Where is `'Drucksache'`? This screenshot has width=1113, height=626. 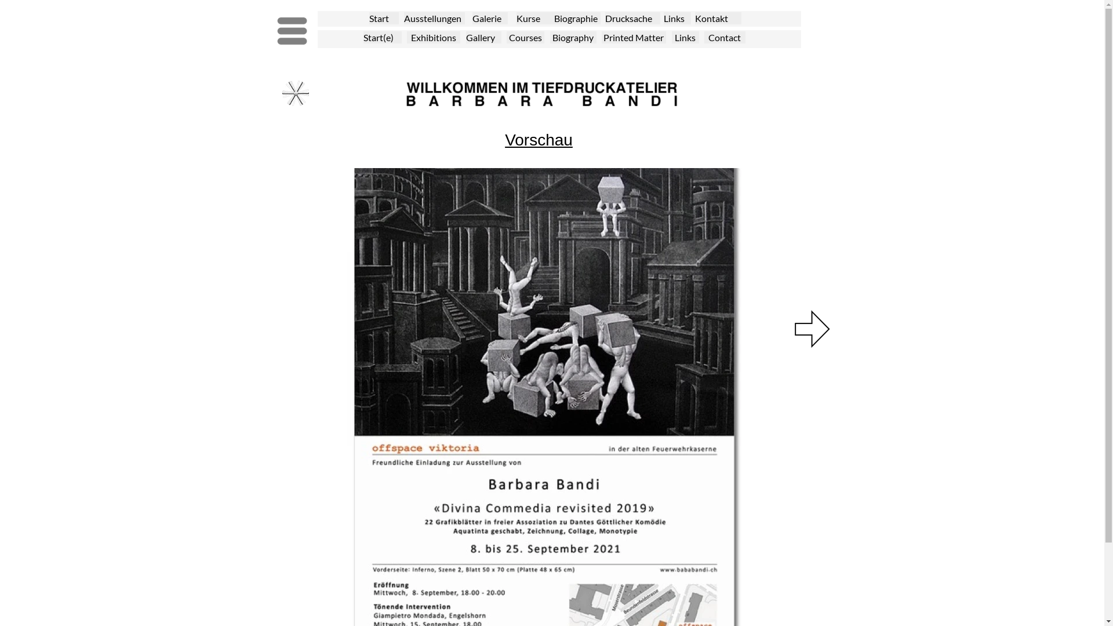 'Drucksache' is located at coordinates (632, 19).